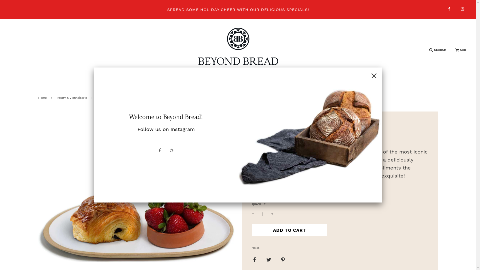 This screenshot has height=270, width=480. What do you see at coordinates (461, 50) in the screenshot?
I see `'CART'` at bounding box center [461, 50].